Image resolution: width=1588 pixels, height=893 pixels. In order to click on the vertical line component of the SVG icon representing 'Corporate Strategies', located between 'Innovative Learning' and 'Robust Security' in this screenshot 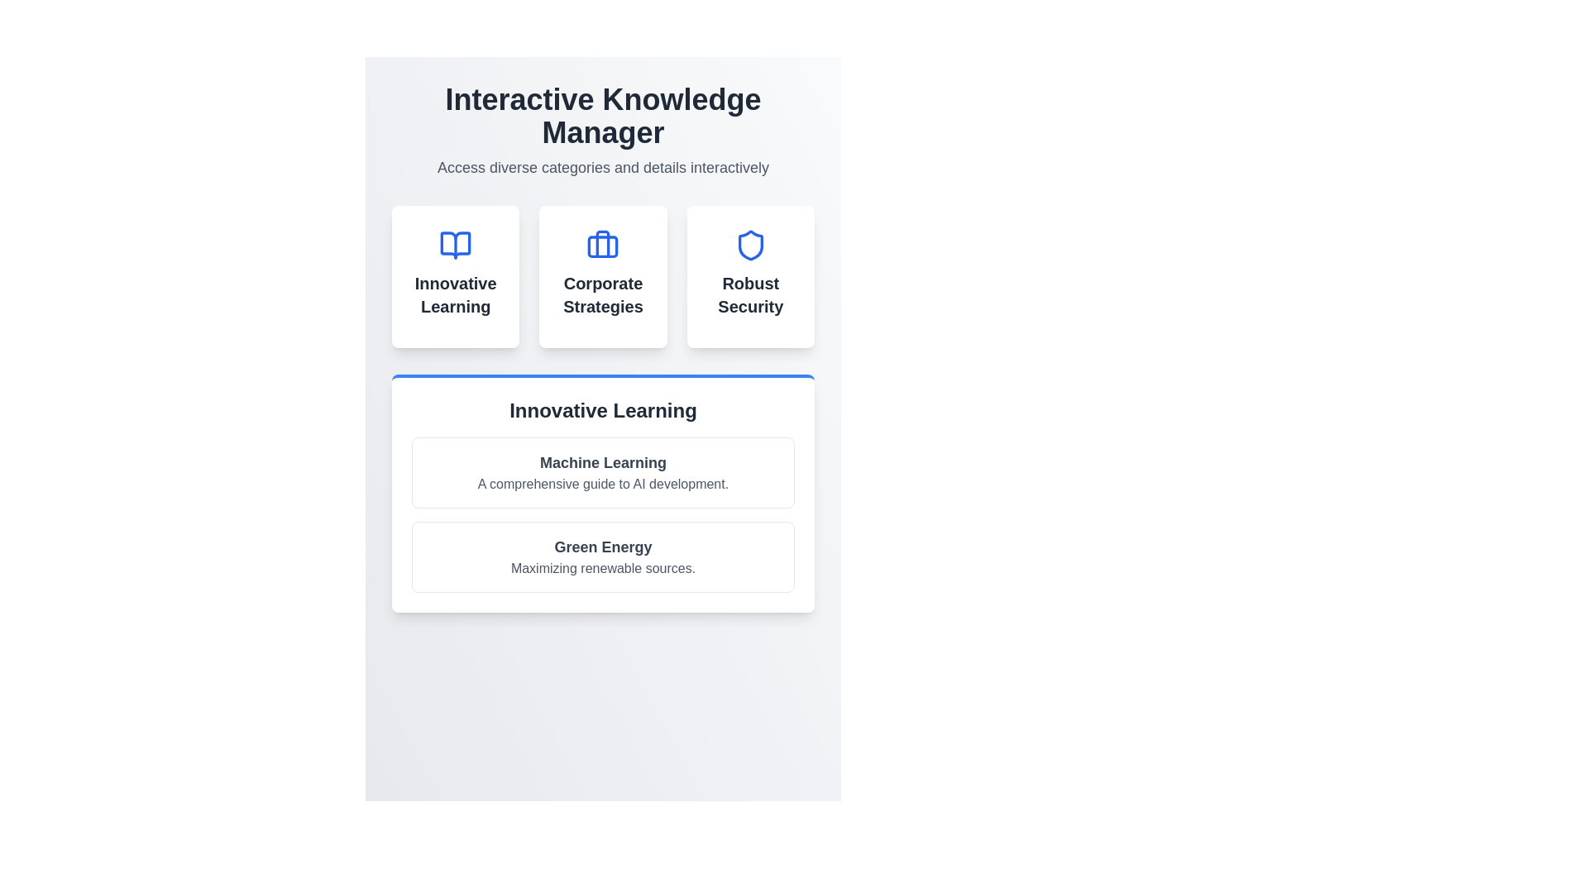, I will do `click(602, 244)`.